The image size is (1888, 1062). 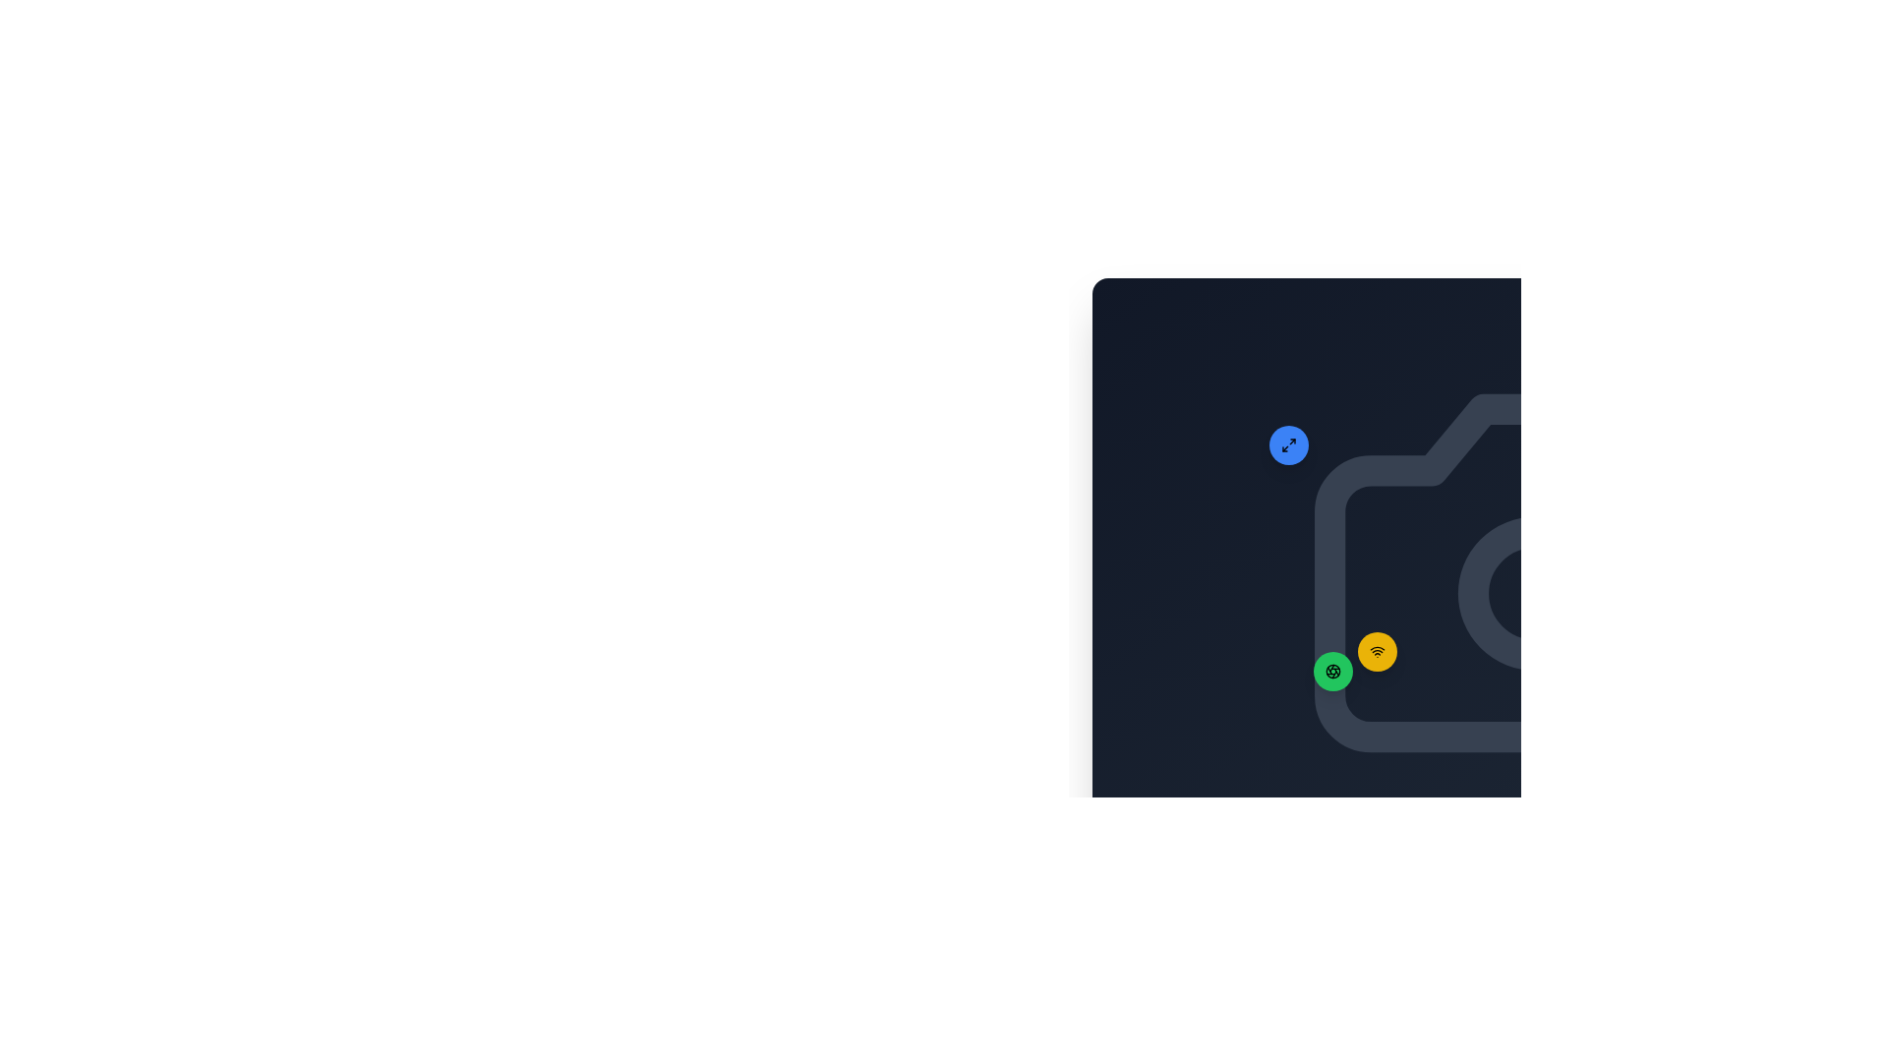 What do you see at coordinates (1377, 652) in the screenshot?
I see `the WiFi signal icon which is represented by black lines on a yellow circular background located at the bottom-right corner of the interface` at bounding box center [1377, 652].